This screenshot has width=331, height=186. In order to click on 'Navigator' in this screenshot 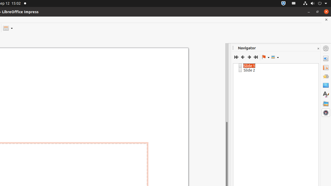, I will do `click(326, 112)`.